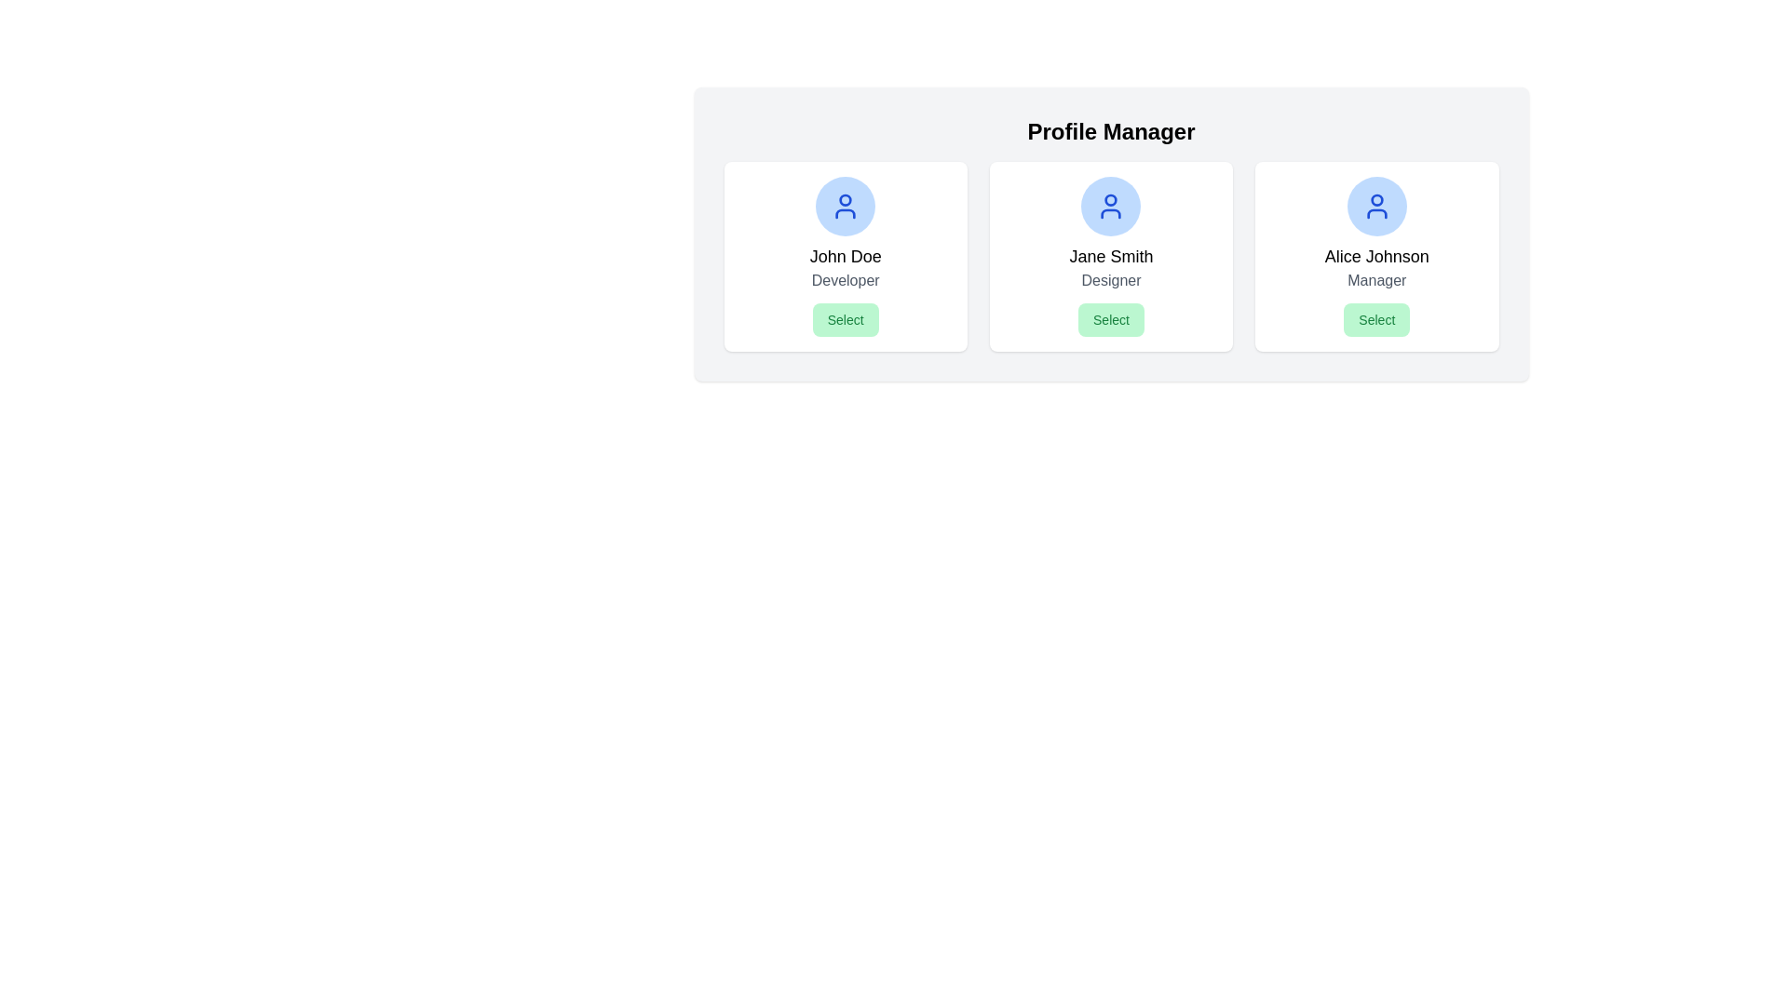 The height and width of the screenshot is (1005, 1788). Describe the element at coordinates (845, 257) in the screenshot. I see `the Profile card for 'John Doe', which includes a 'Select' button and is the first in a row of three cards` at that location.